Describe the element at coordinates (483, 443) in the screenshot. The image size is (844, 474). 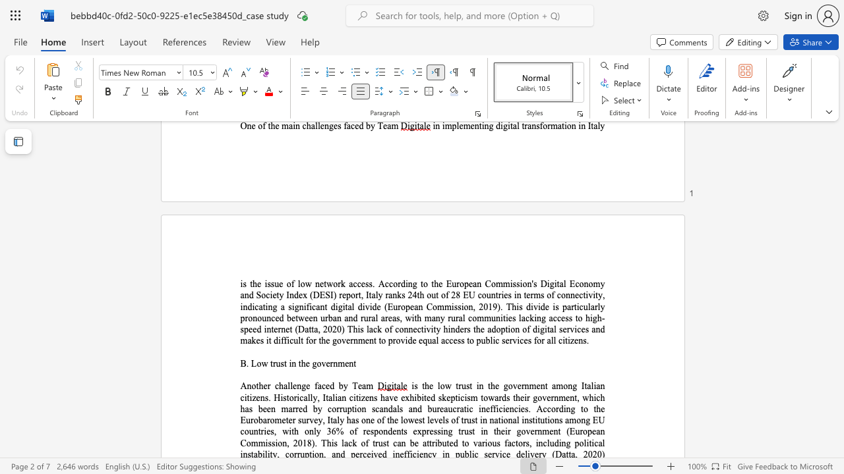
I see `the 1th character "r" in the text` at that location.